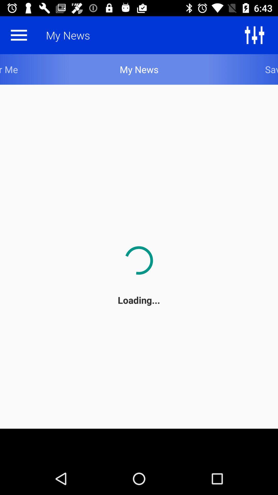 This screenshot has width=278, height=495. I want to click on the menu icon, so click(19, 35).